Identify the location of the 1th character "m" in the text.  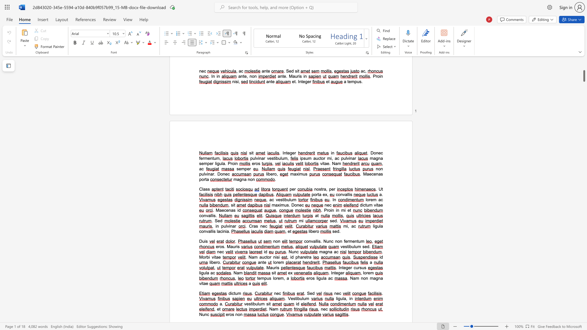
(309, 158).